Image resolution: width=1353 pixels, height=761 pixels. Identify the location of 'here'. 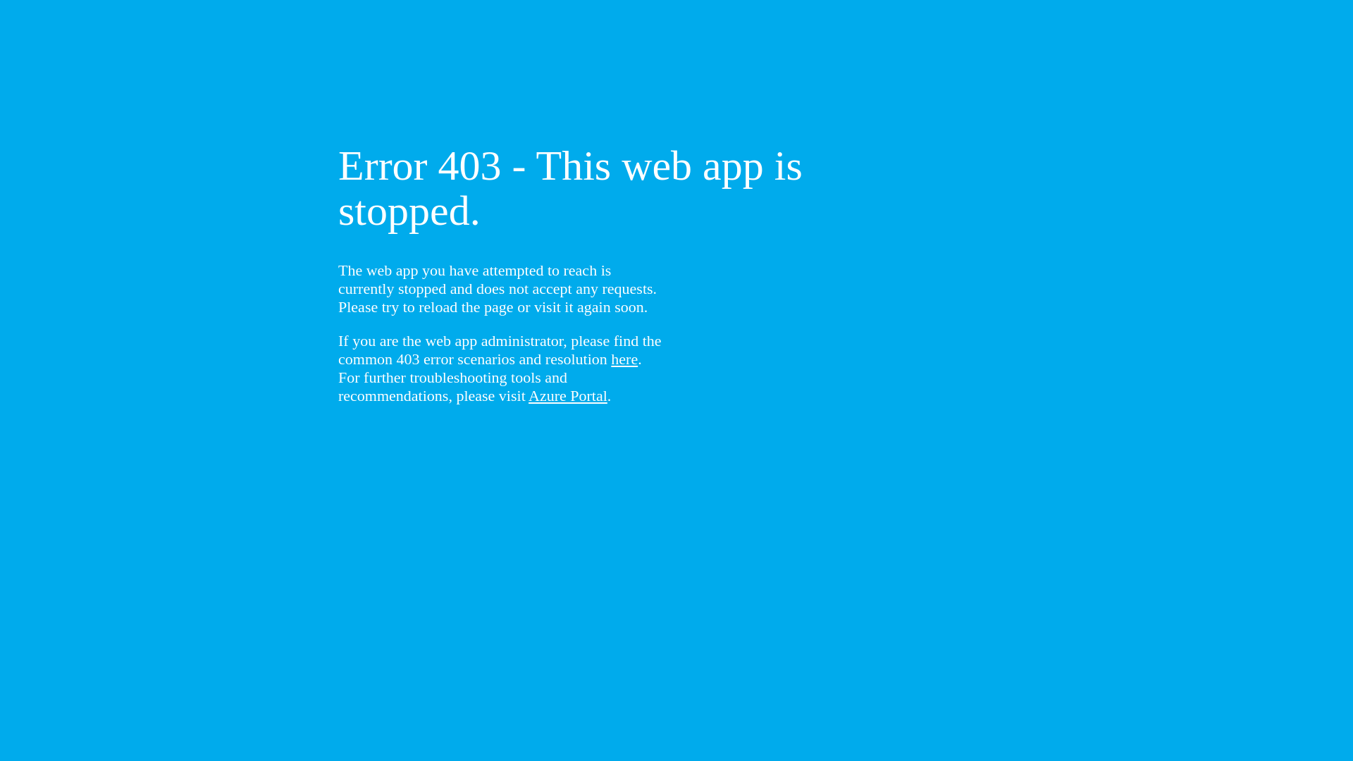
(624, 358).